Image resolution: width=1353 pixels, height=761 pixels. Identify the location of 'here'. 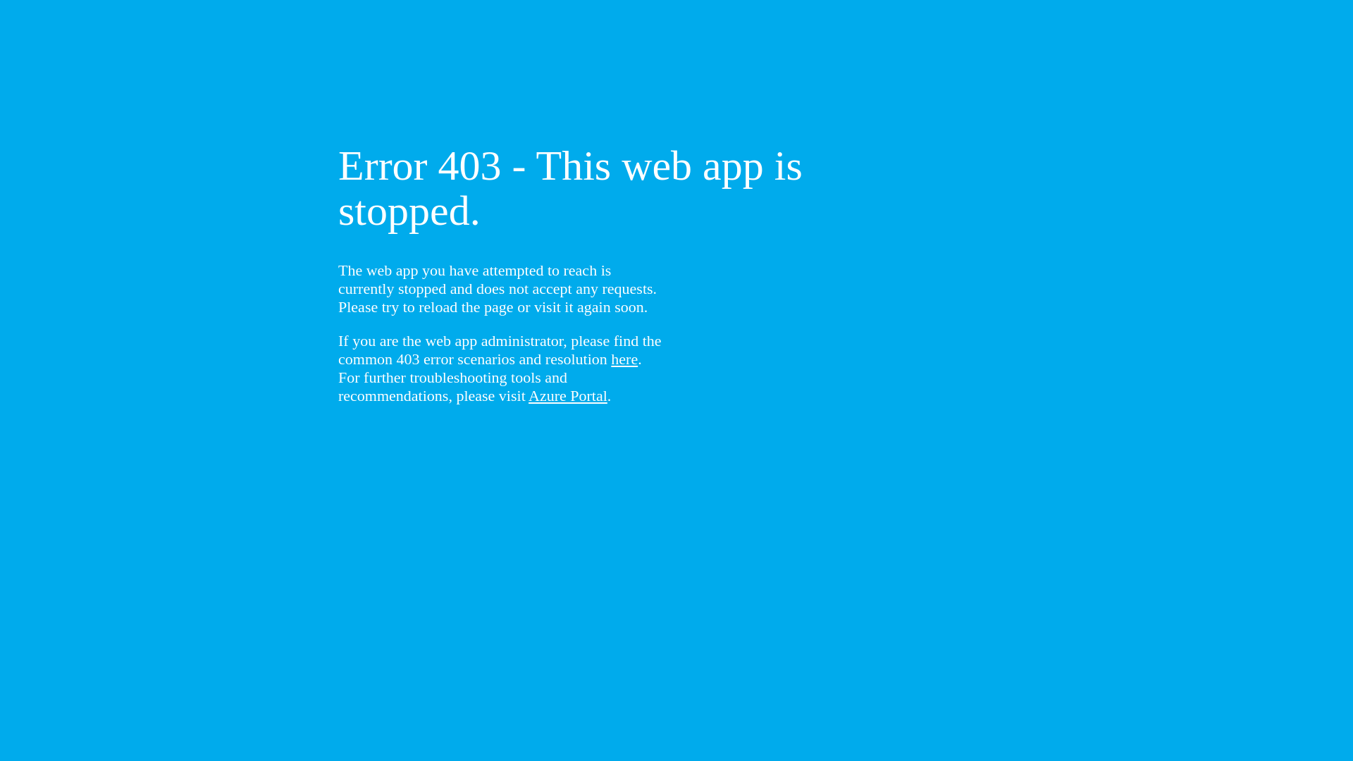
(624, 358).